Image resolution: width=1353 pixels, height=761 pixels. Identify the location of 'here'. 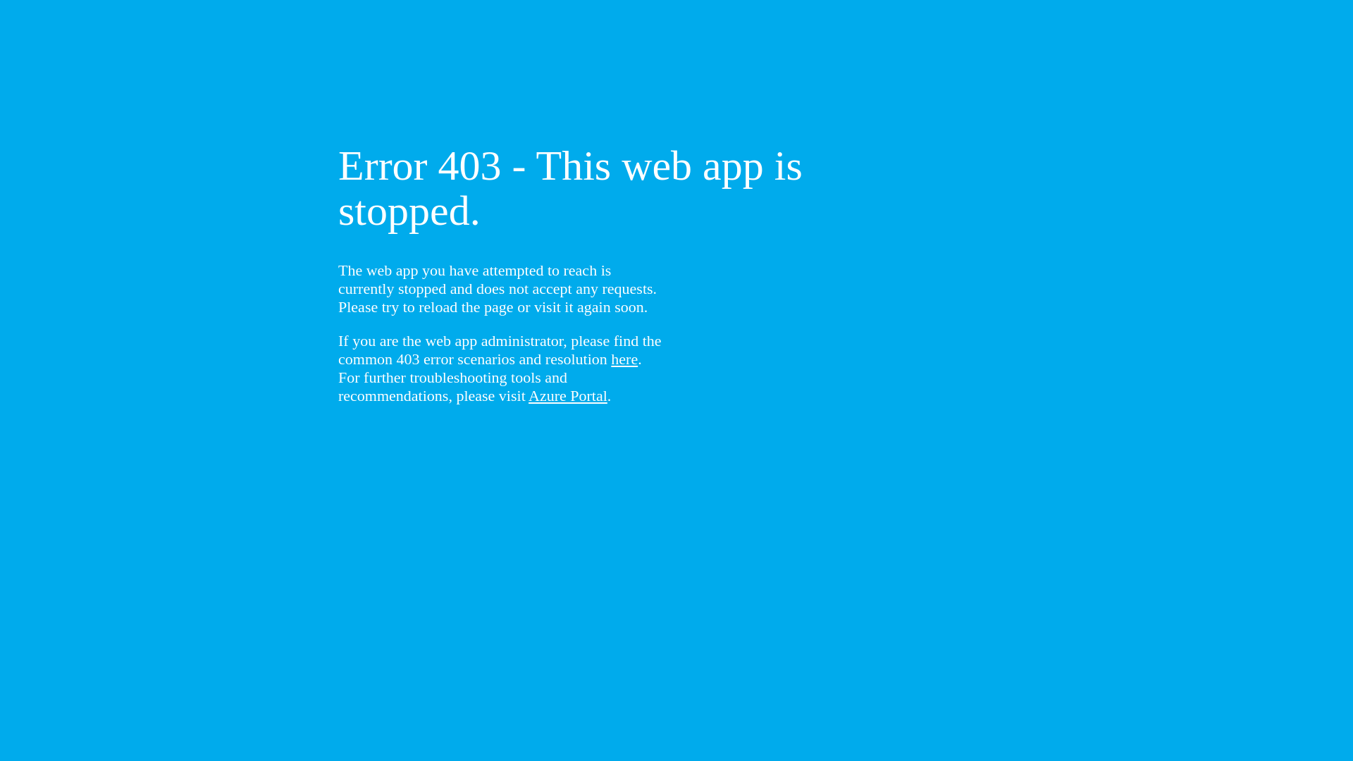
(624, 358).